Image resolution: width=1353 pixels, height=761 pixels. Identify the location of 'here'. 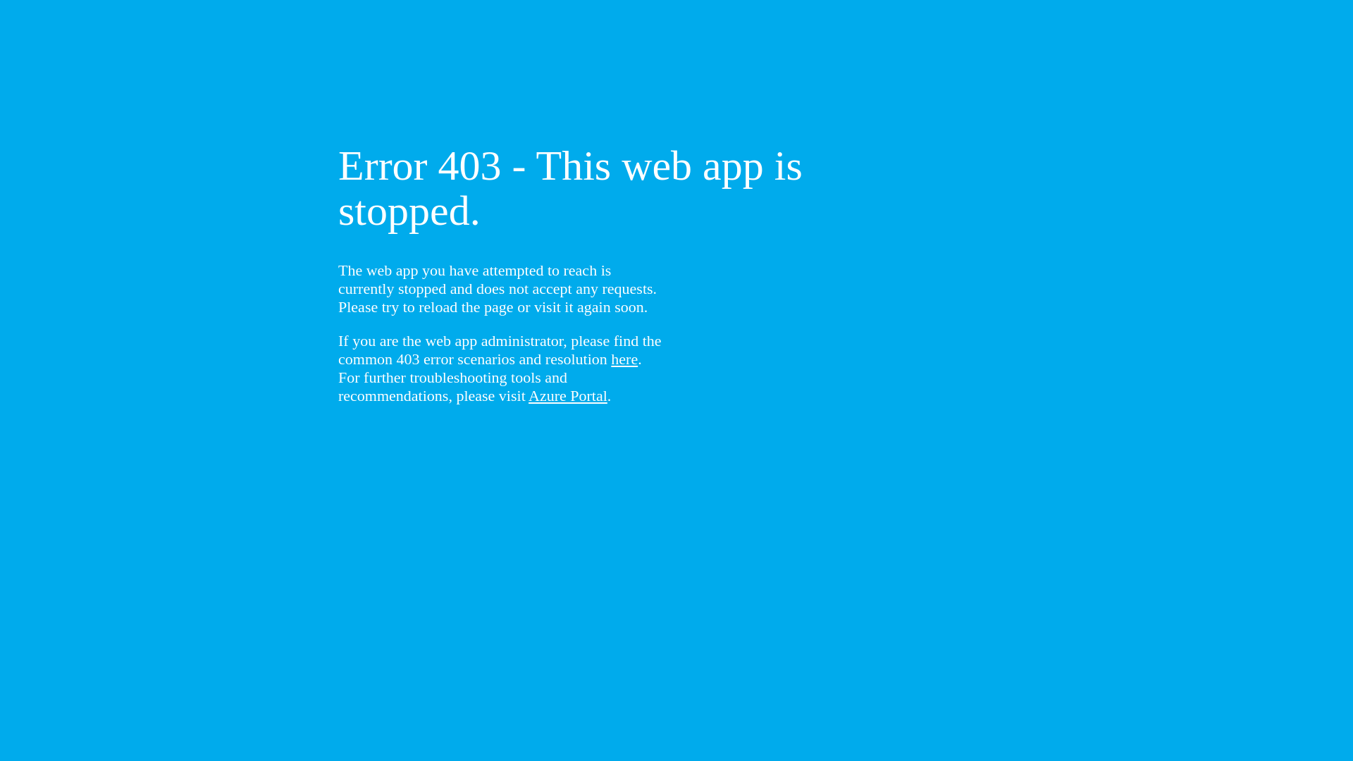
(624, 358).